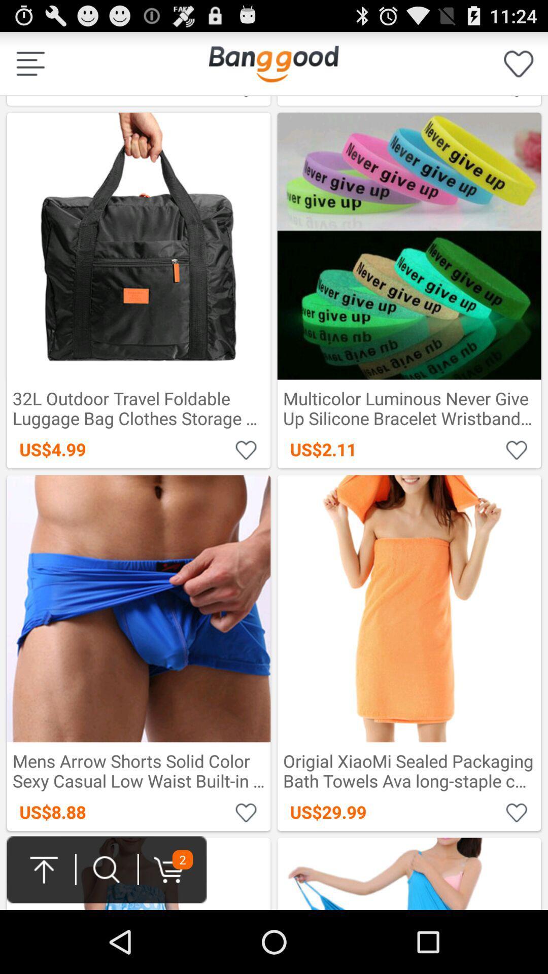 This screenshot has height=974, width=548. I want to click on to favorites, so click(517, 449).